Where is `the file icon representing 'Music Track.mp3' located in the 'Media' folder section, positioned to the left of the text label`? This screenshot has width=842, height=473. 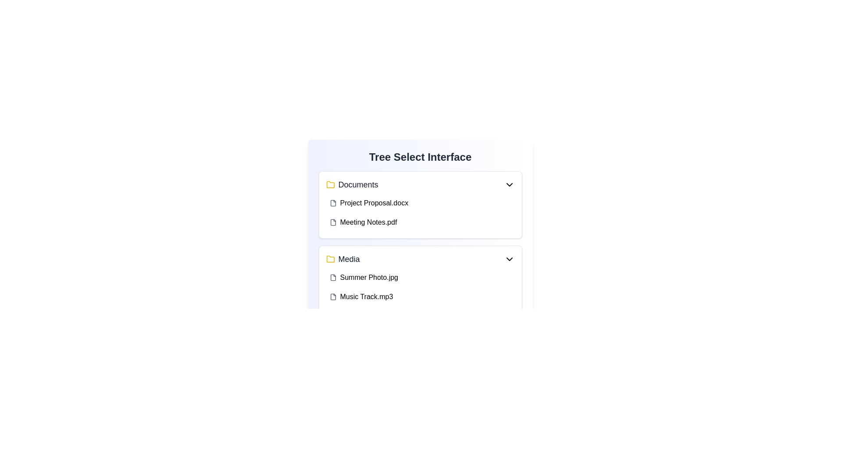
the file icon representing 'Music Track.mp3' located in the 'Media' folder section, positioned to the left of the text label is located at coordinates (332, 297).